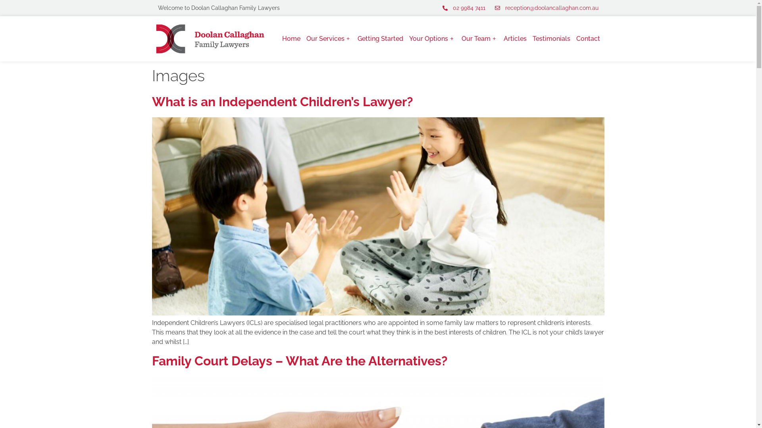 This screenshot has height=428, width=762. I want to click on 'Our Services', so click(306, 38).